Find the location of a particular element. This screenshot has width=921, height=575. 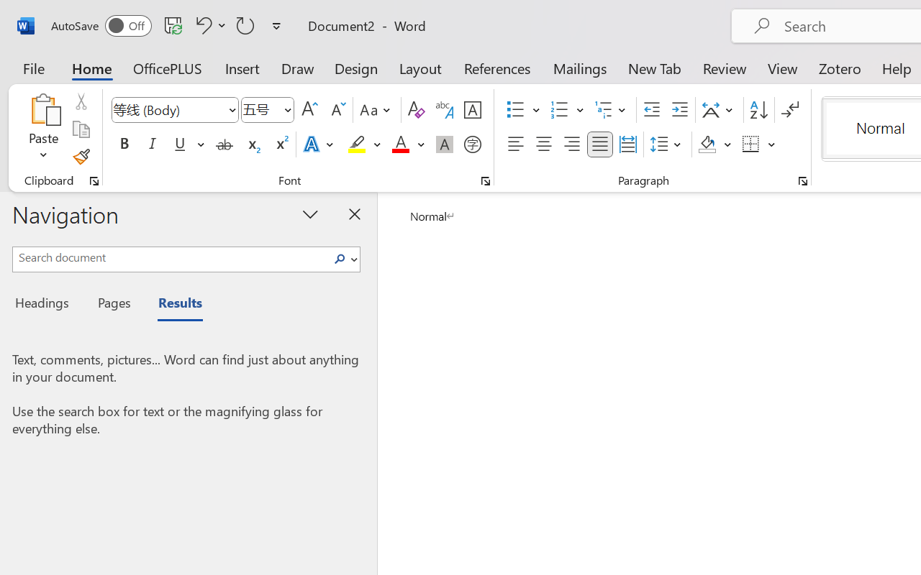

'Undo Apply Quick Style' is located at coordinates (201, 24).